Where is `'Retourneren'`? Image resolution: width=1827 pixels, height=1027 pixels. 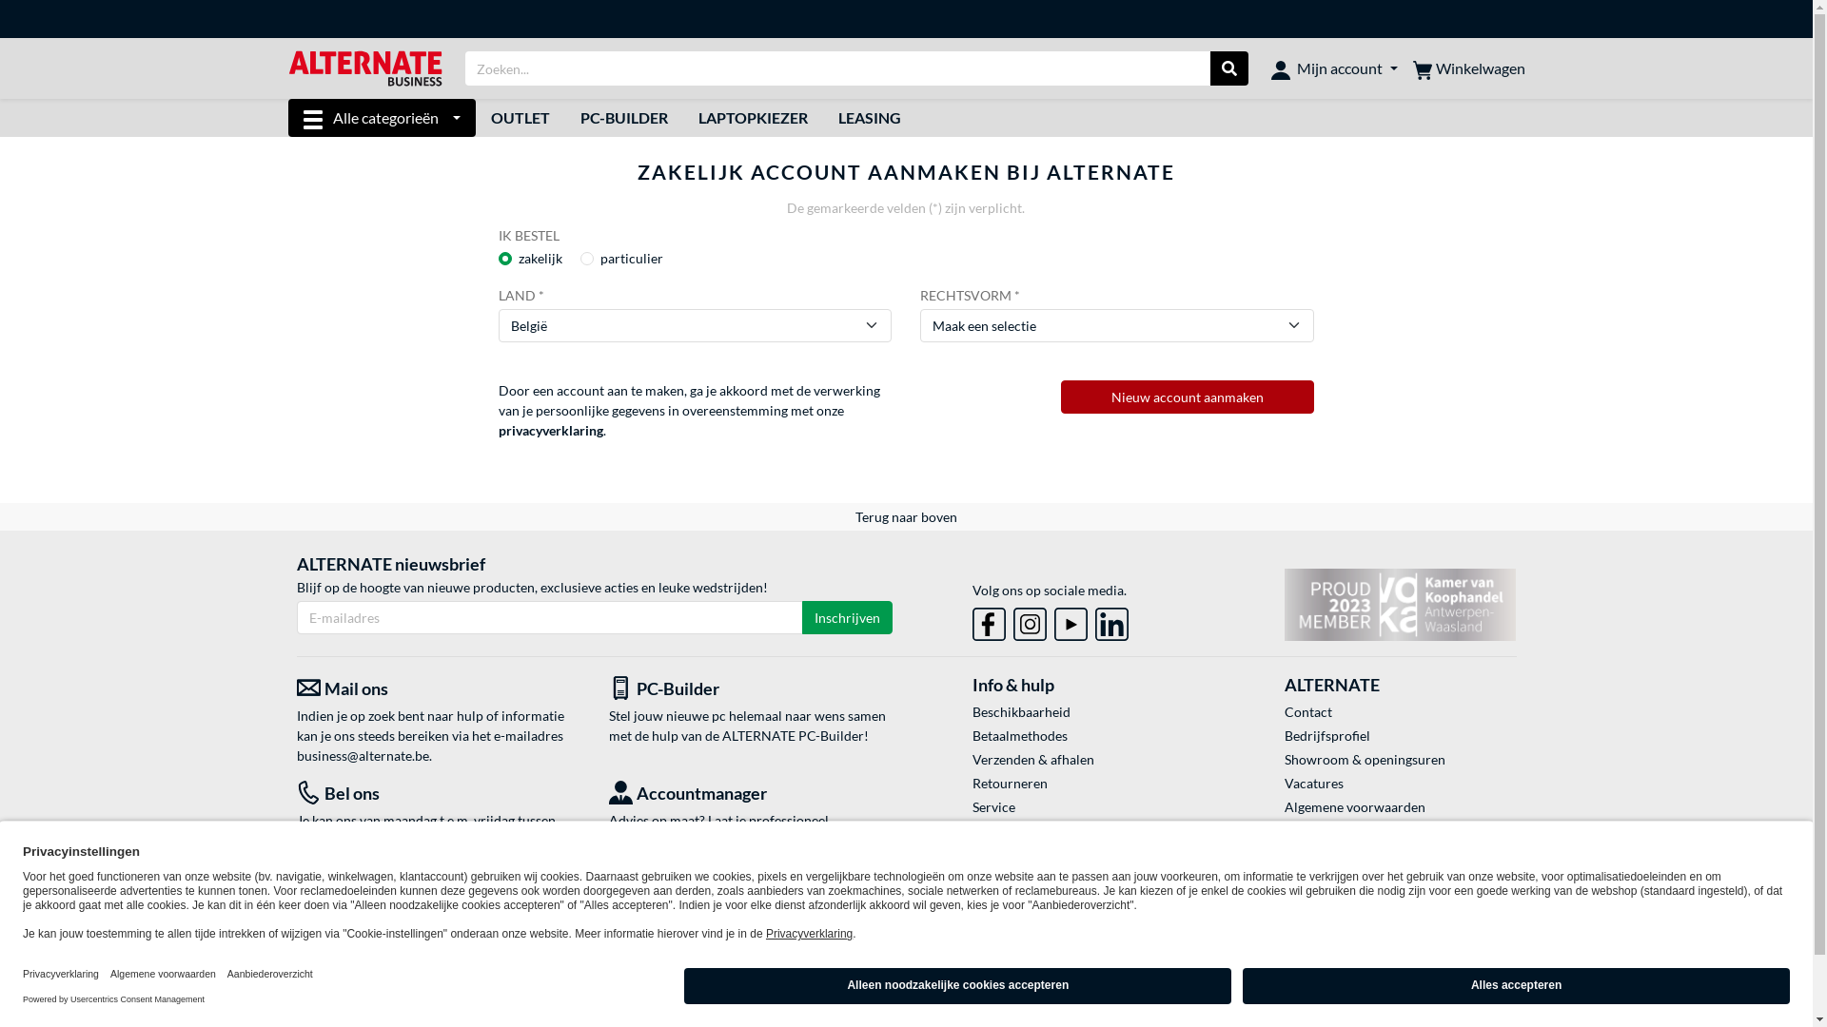
'Retourneren' is located at coordinates (1088, 783).